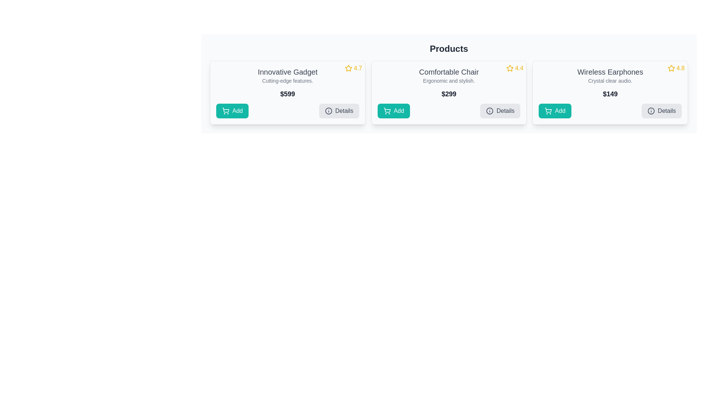  I want to click on static text element displaying the price '$599' located centrally in the 'Innovative Gadget' product card, positioned beneath the product title and description, so click(287, 93).